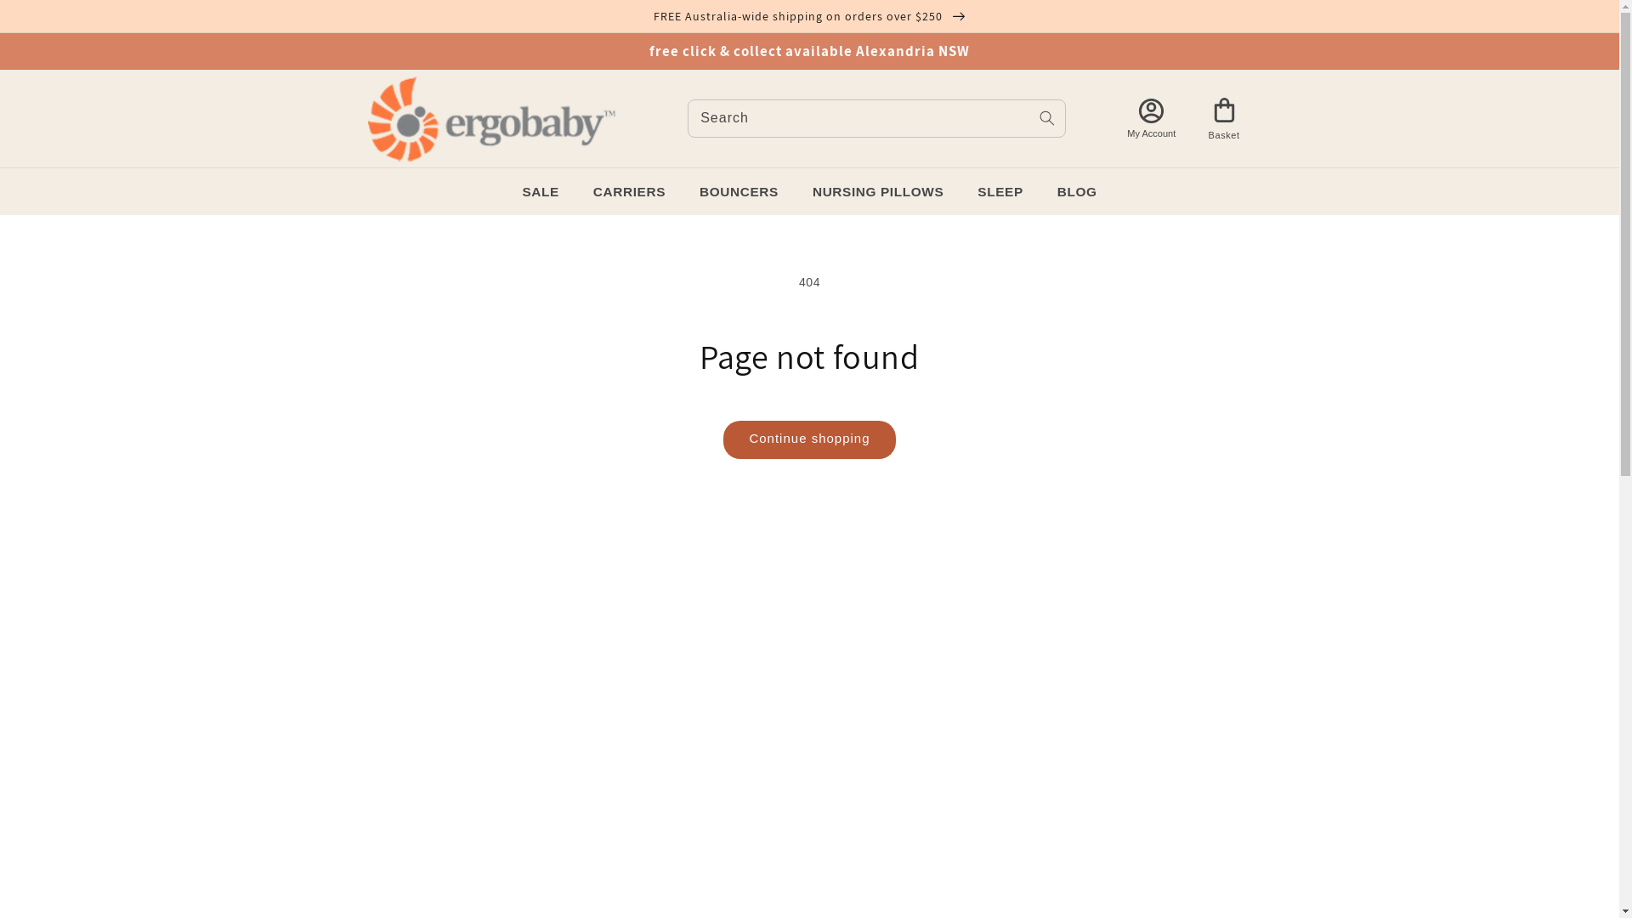 The width and height of the screenshot is (1632, 918). What do you see at coordinates (628, 191) in the screenshot?
I see `'CARRIERS'` at bounding box center [628, 191].